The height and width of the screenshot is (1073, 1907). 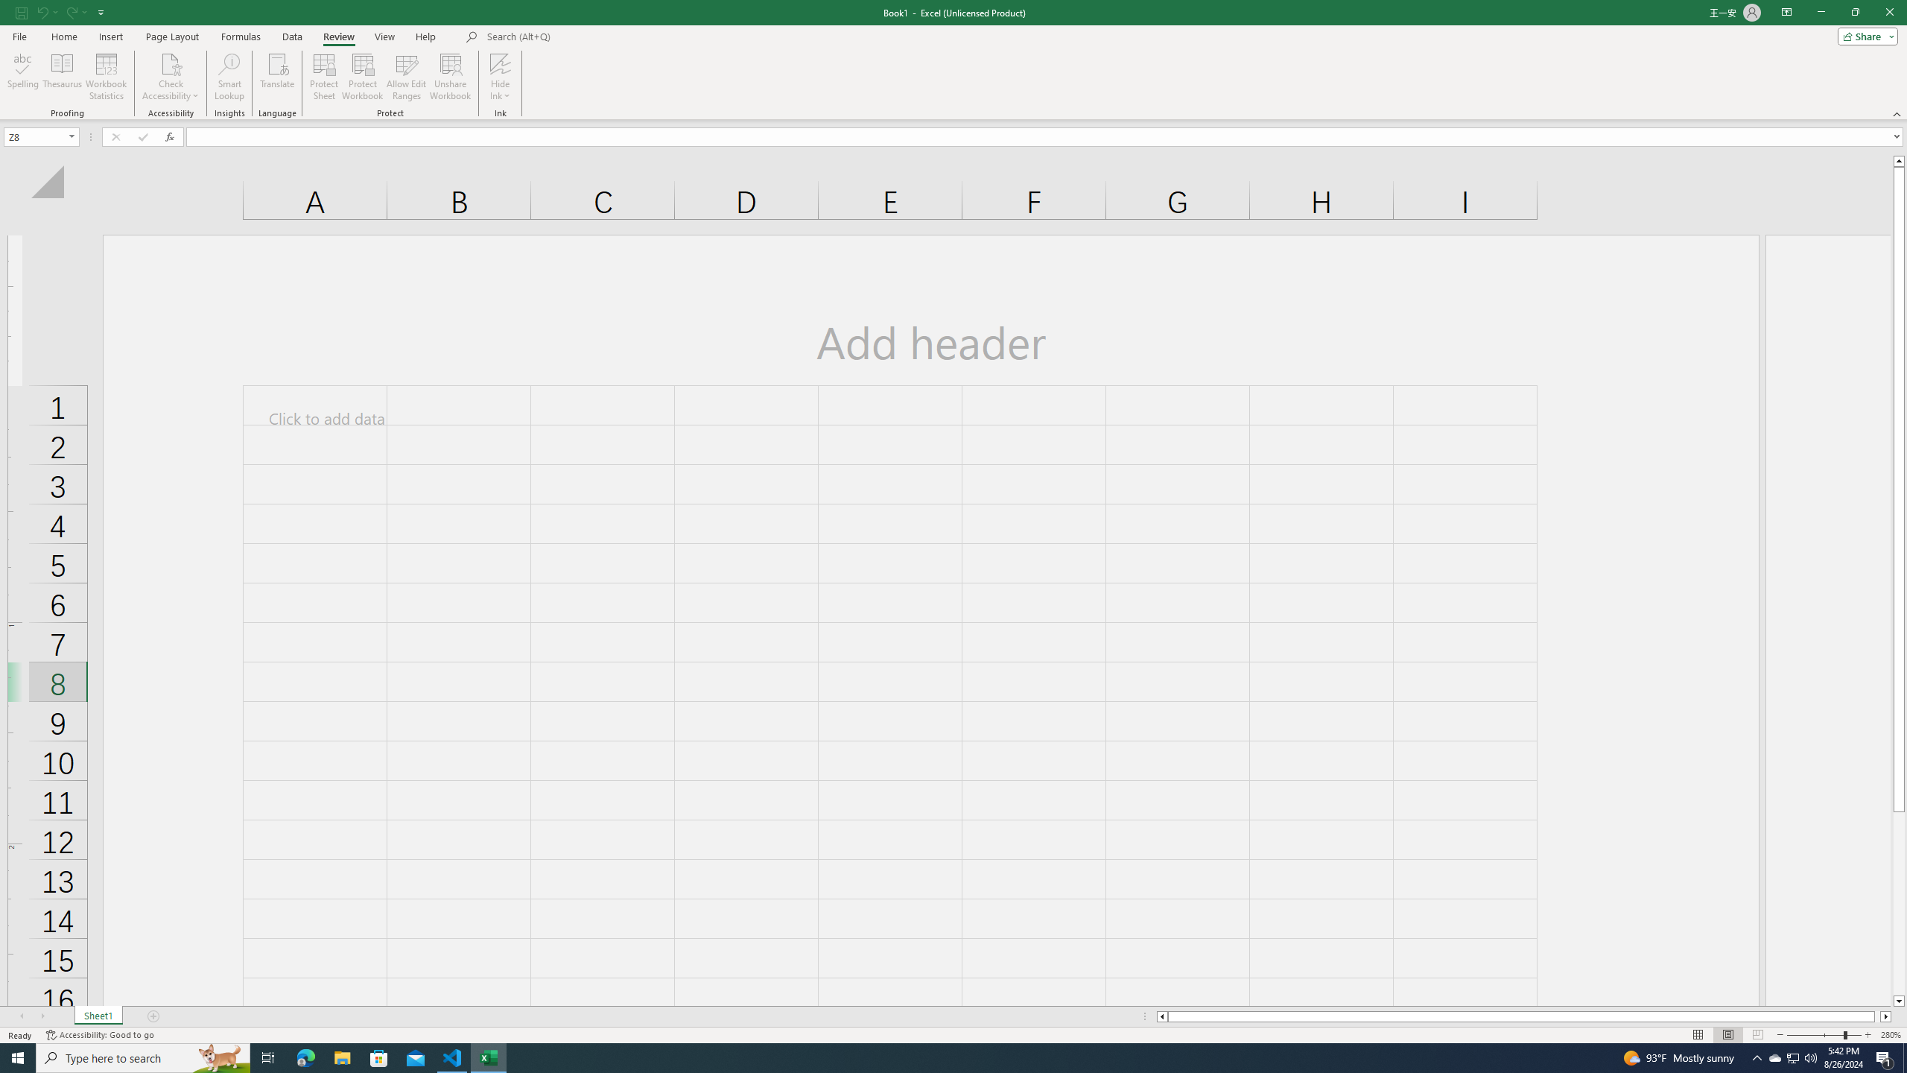 What do you see at coordinates (407, 77) in the screenshot?
I see `'Allow Edit Ranges'` at bounding box center [407, 77].